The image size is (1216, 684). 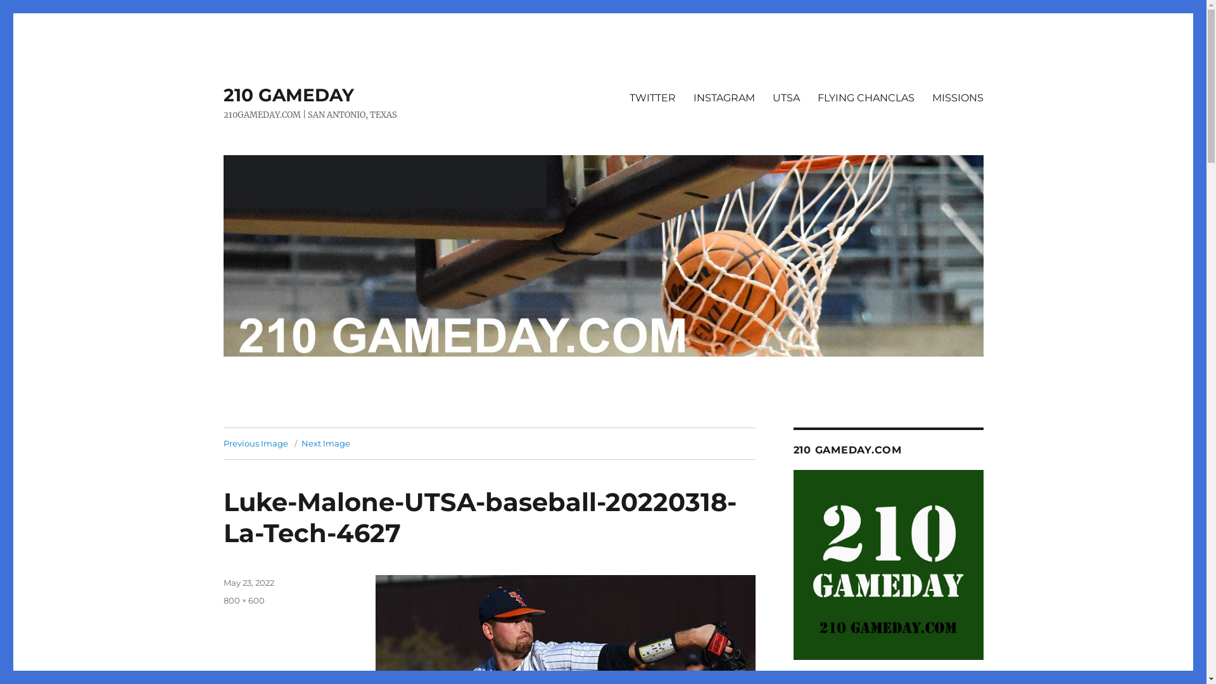 I want to click on 'May 23, 2022', so click(x=222, y=583).